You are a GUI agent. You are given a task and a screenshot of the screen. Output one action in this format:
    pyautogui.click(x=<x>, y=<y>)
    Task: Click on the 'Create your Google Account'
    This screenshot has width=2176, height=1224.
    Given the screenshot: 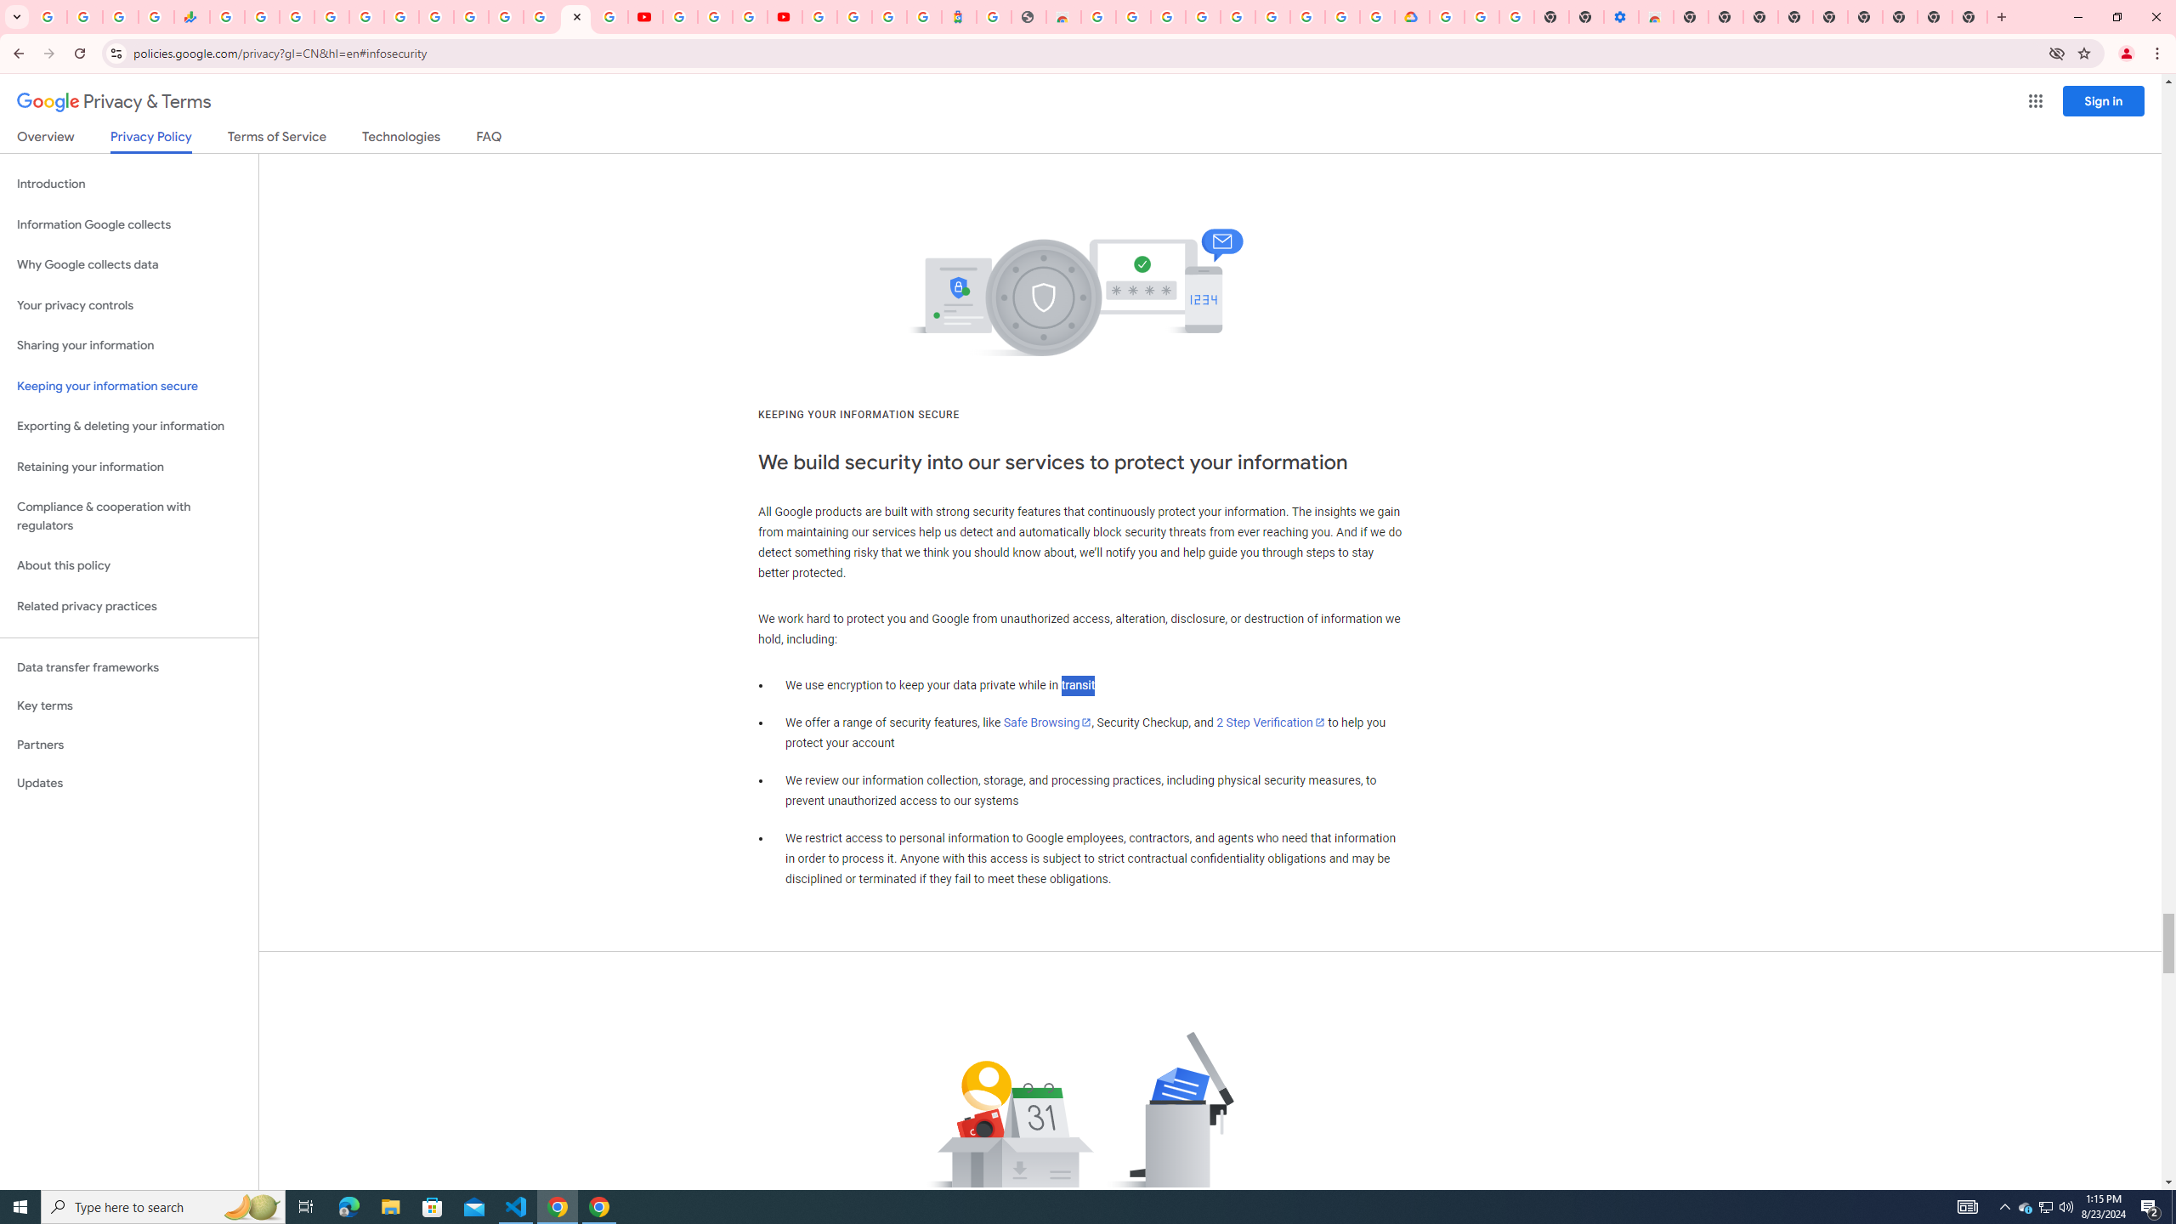 What is the action you would take?
    pyautogui.click(x=748, y=16)
    